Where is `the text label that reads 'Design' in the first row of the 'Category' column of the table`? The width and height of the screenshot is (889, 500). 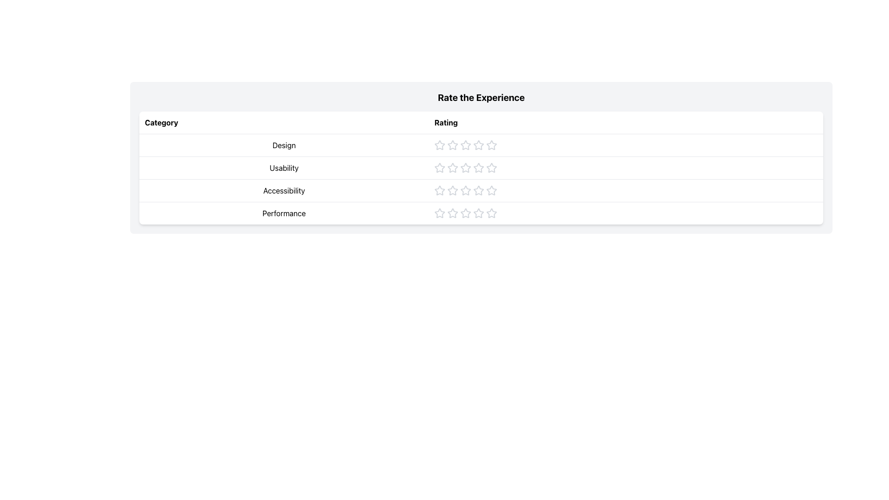
the text label that reads 'Design' in the first row of the 'Category' column of the table is located at coordinates (283, 145).